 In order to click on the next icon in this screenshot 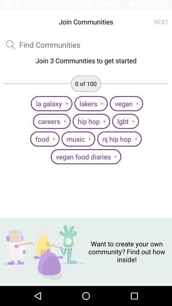, I will do `click(161, 22)`.